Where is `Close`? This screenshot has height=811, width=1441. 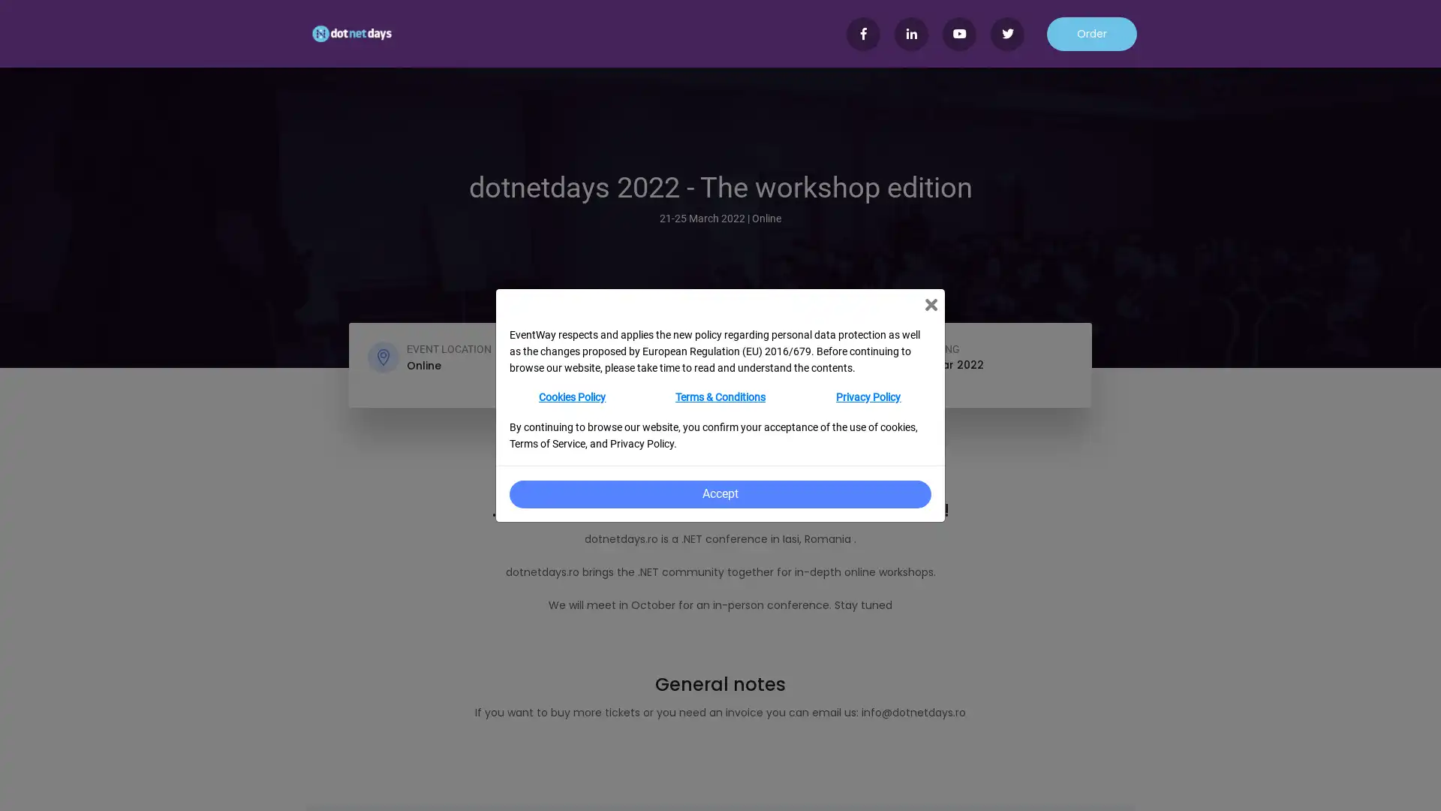
Close is located at coordinates (930, 304).